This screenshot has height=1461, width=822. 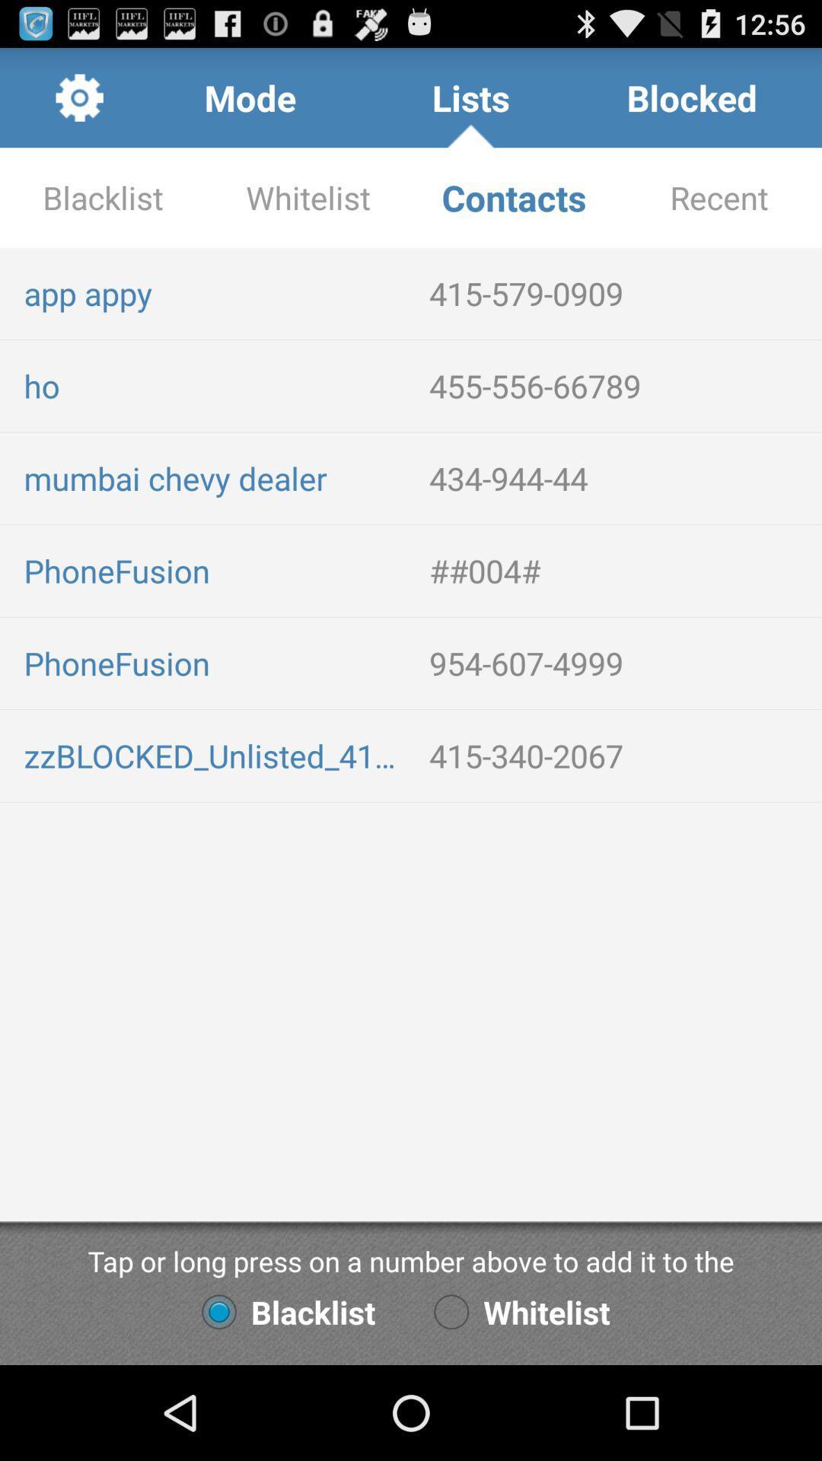 I want to click on icon next to lists, so click(x=692, y=97).